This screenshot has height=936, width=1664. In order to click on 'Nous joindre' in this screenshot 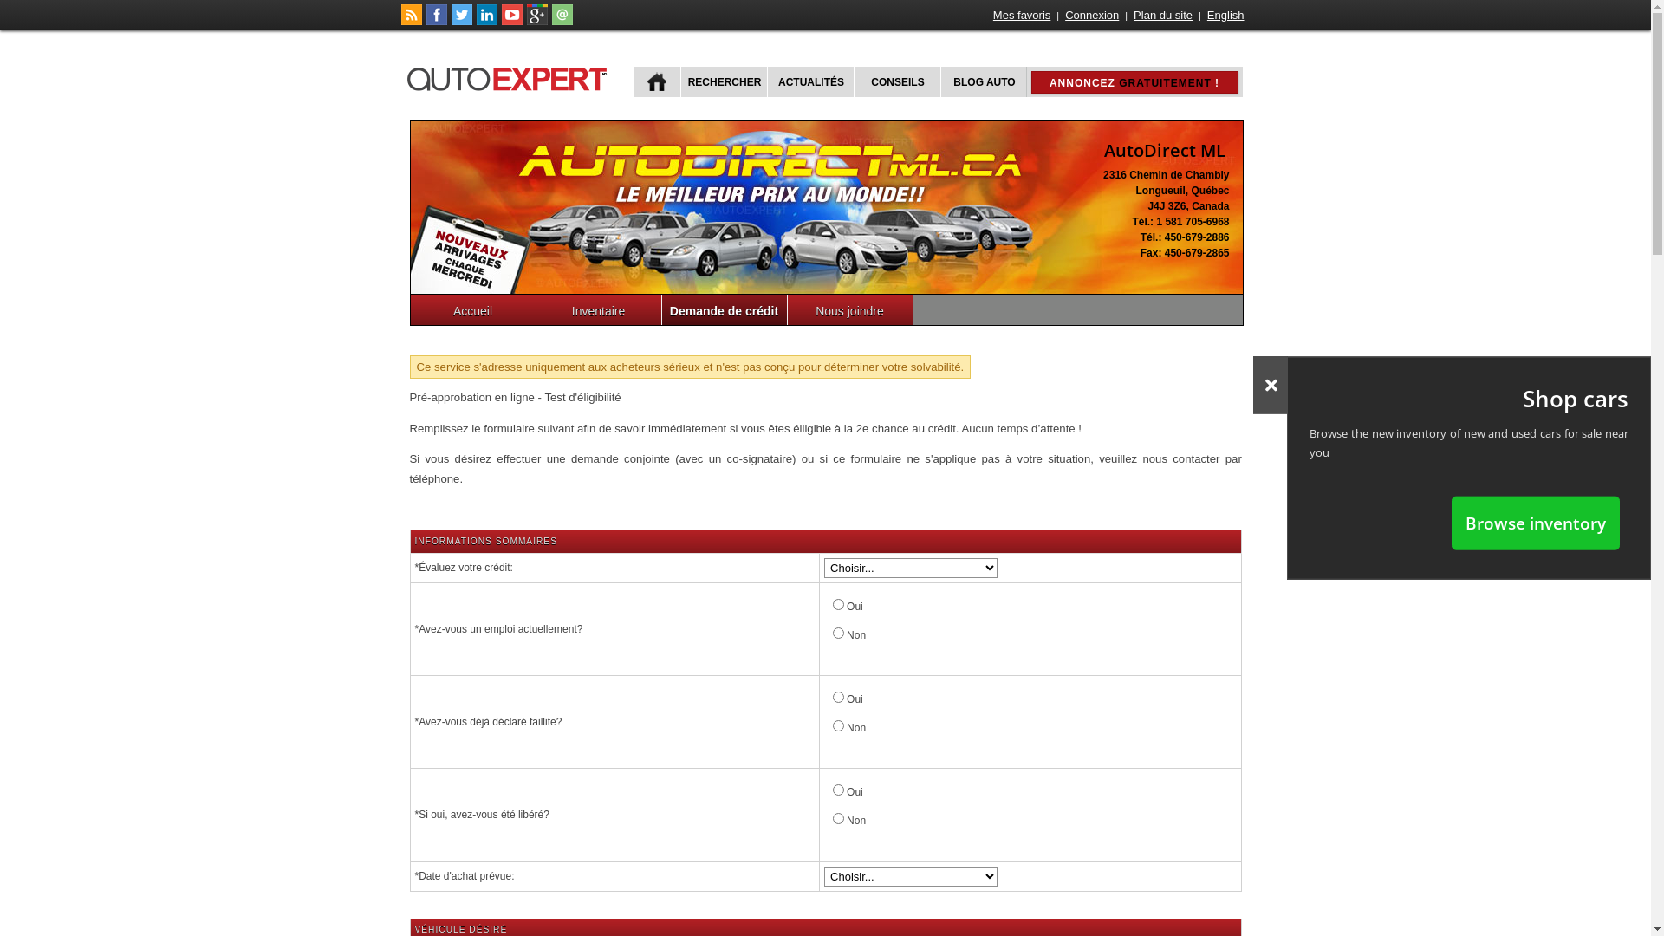, I will do `click(849, 309)`.